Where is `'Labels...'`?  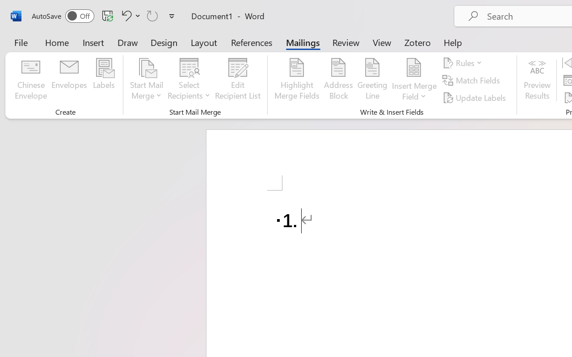 'Labels...' is located at coordinates (104, 80).